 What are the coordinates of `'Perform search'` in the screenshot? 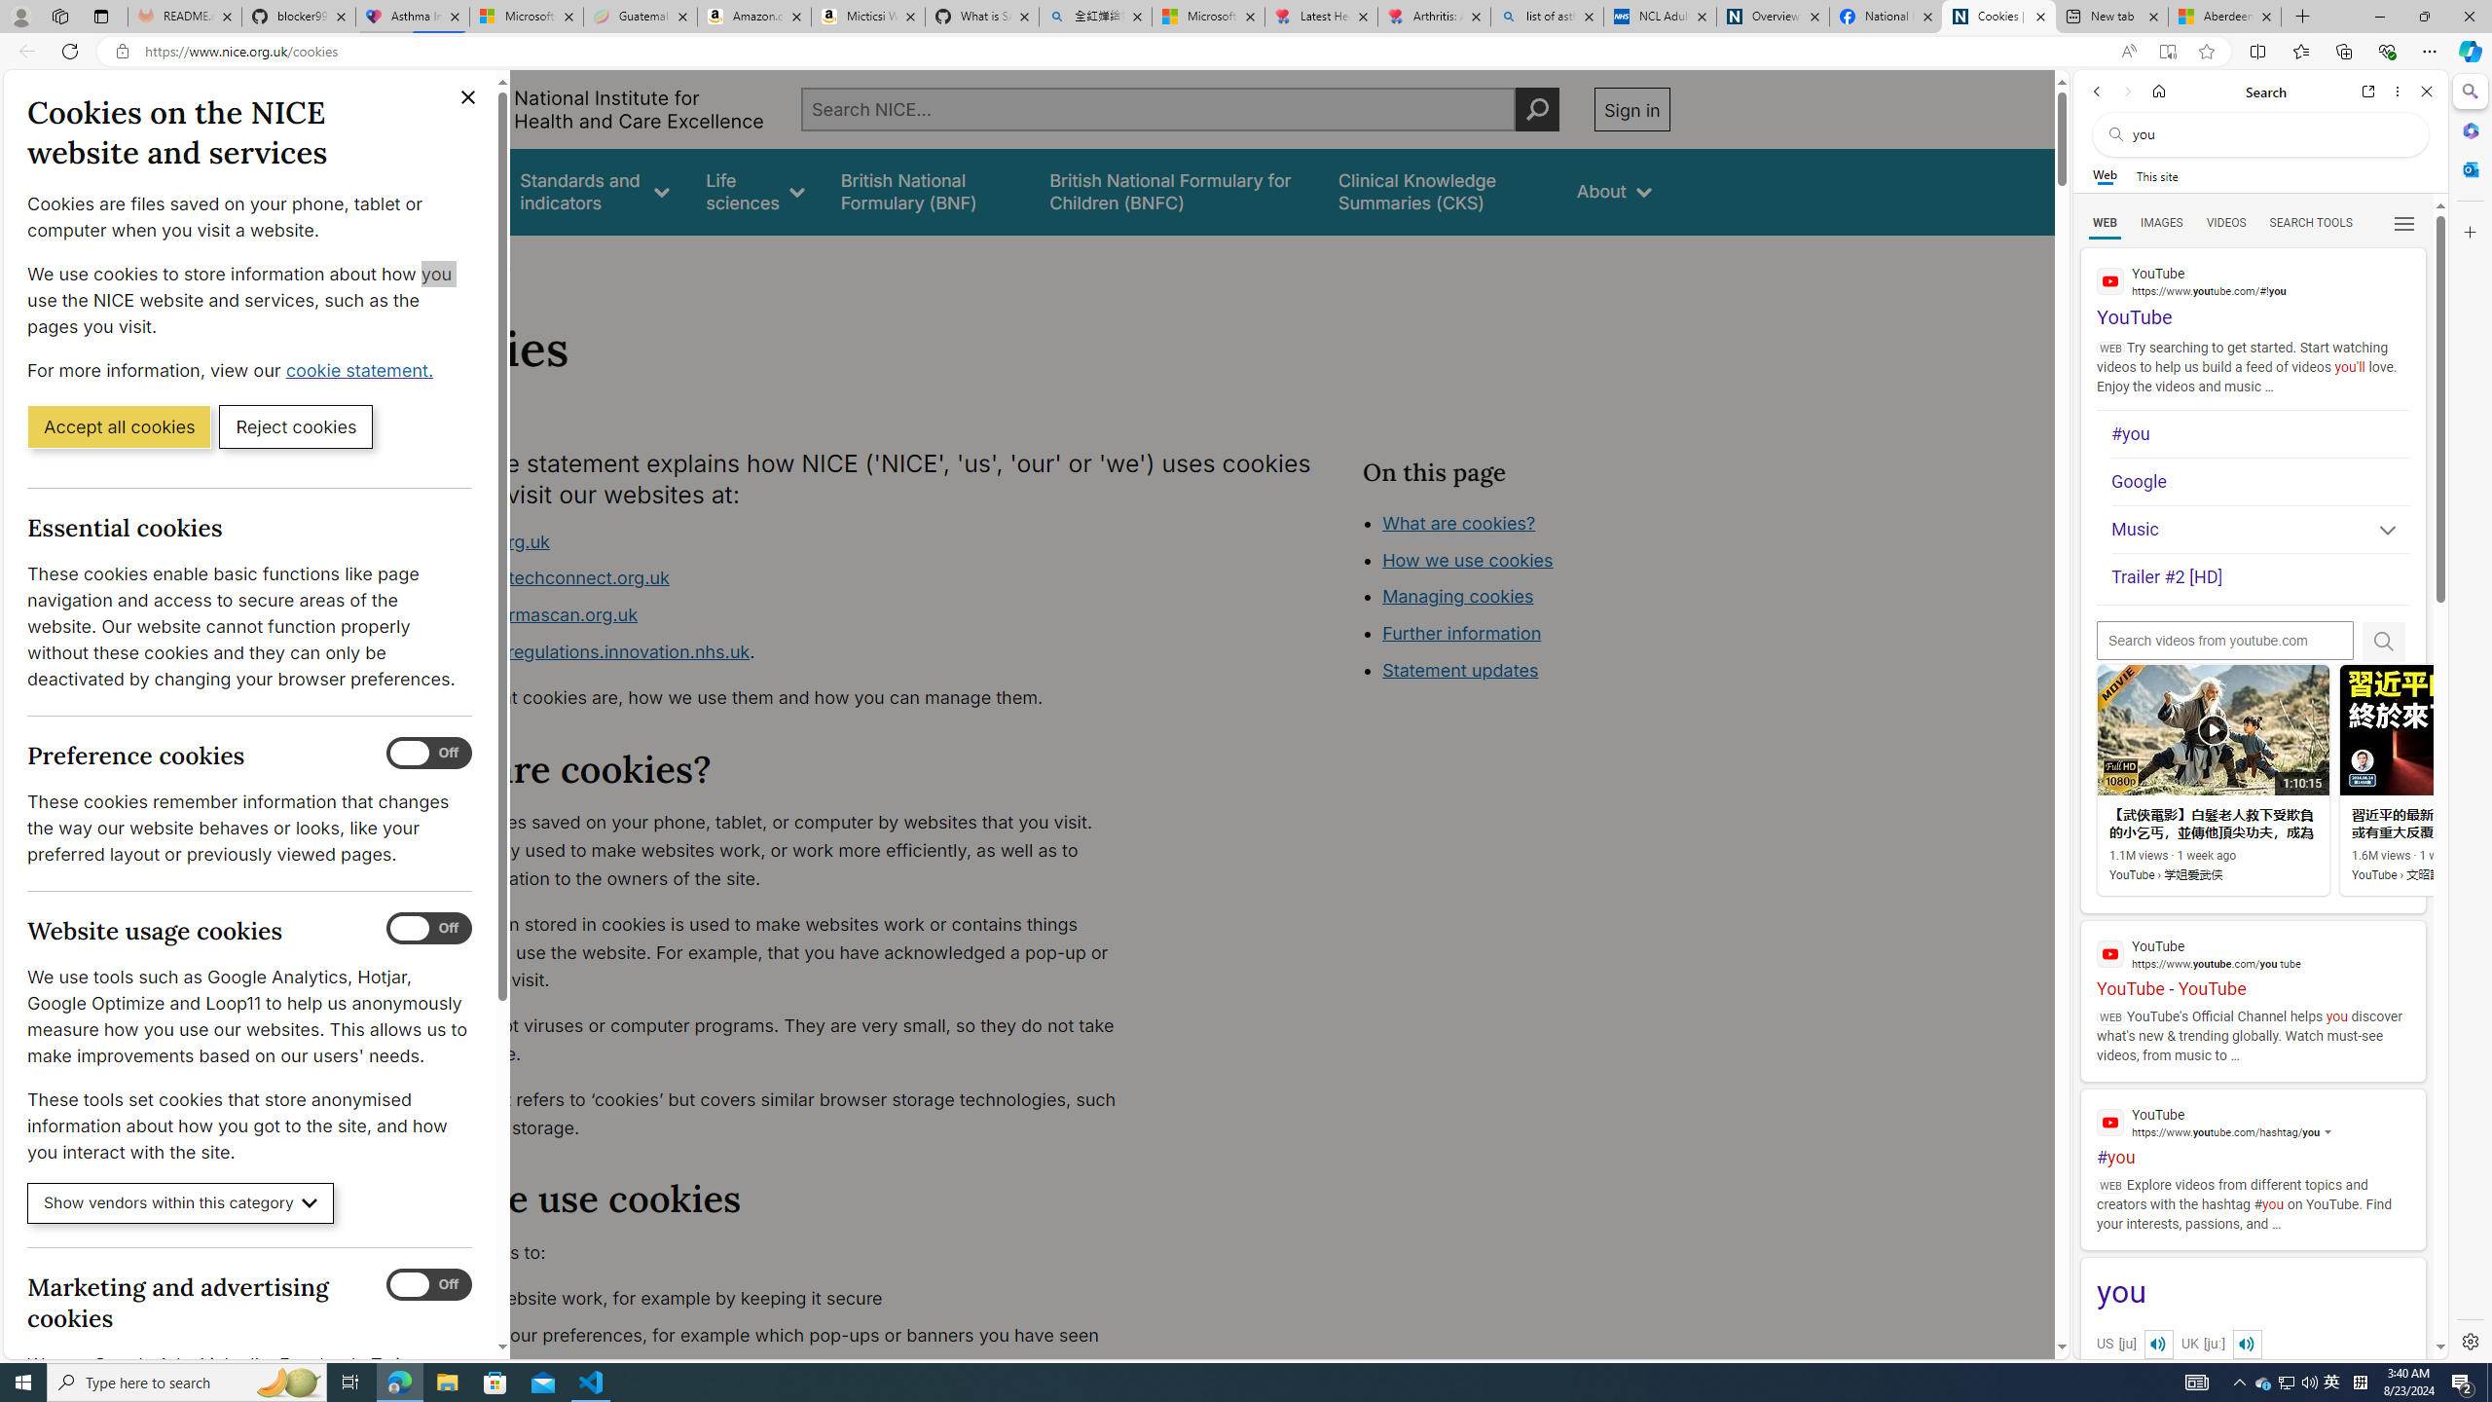 It's located at (1536, 108).